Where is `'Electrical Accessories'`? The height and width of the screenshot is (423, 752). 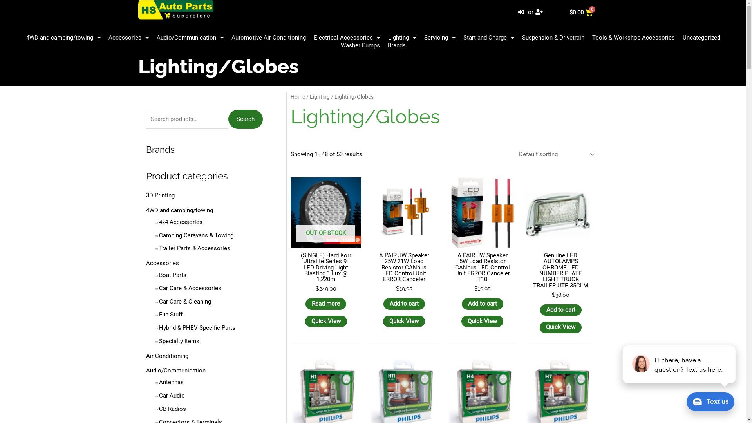
'Electrical Accessories' is located at coordinates (309, 38).